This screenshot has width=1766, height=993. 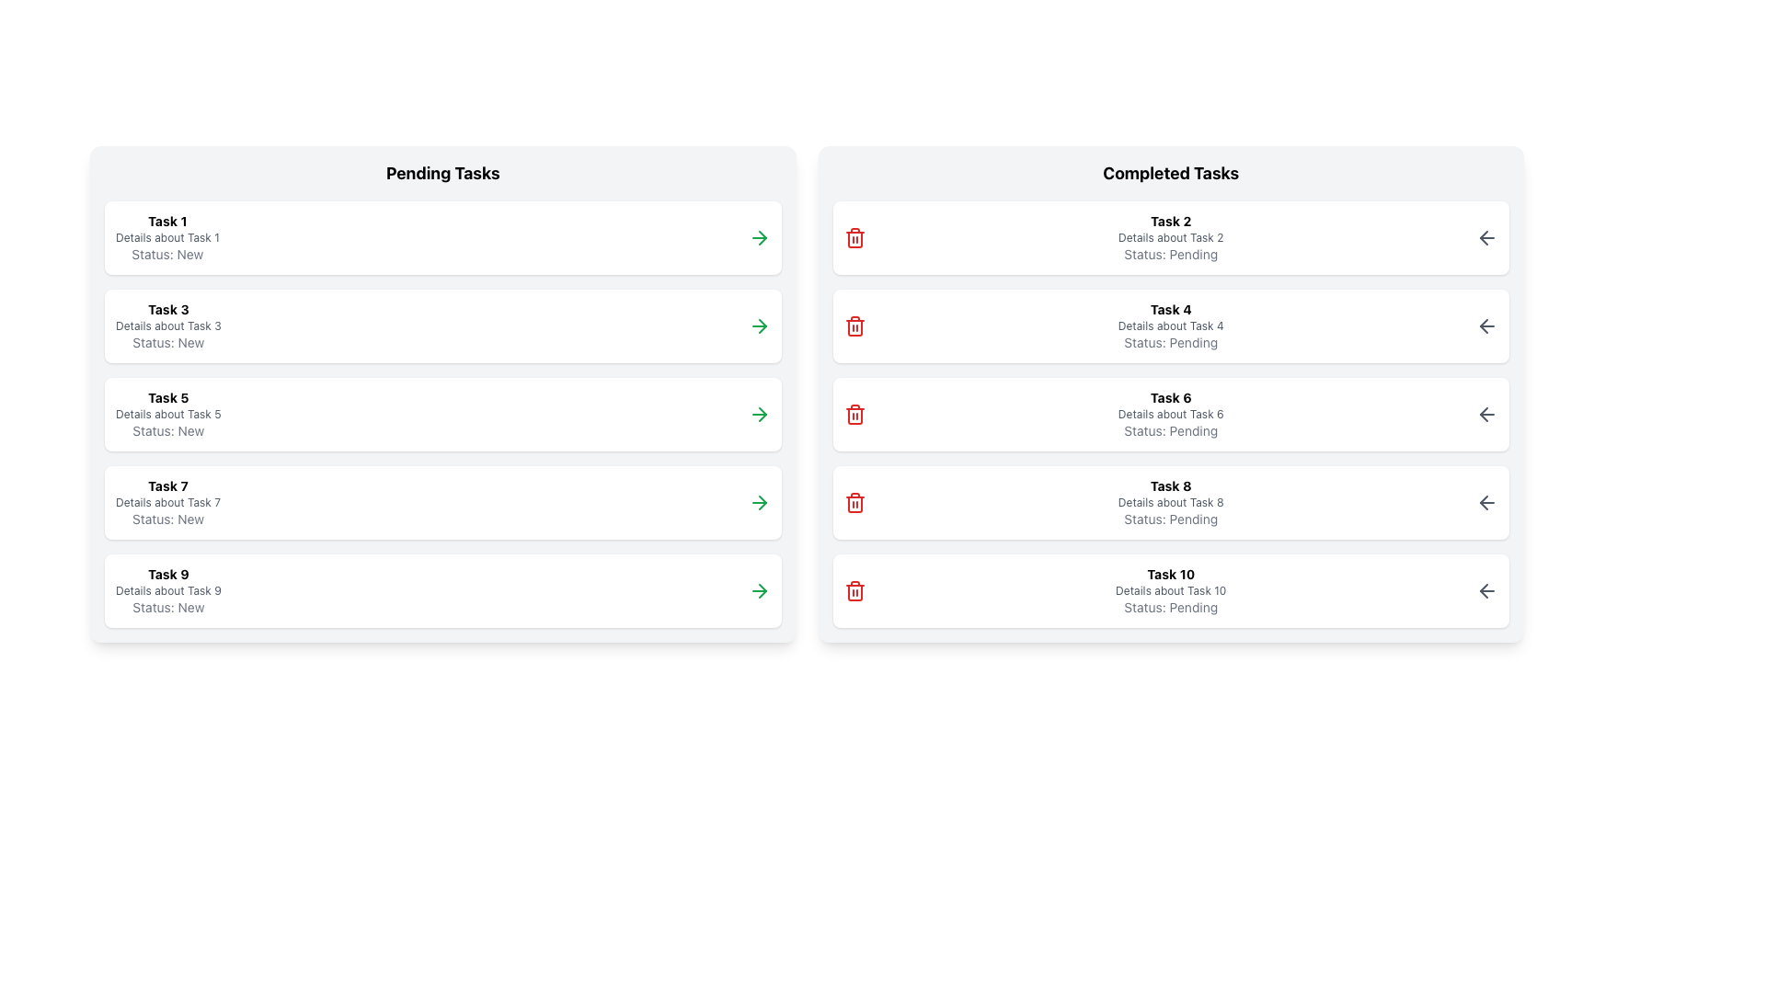 I want to click on detailed information displayed in the text block for 'Task 1', located in the first item of the 'Pending Tasks' section, so click(x=167, y=236).